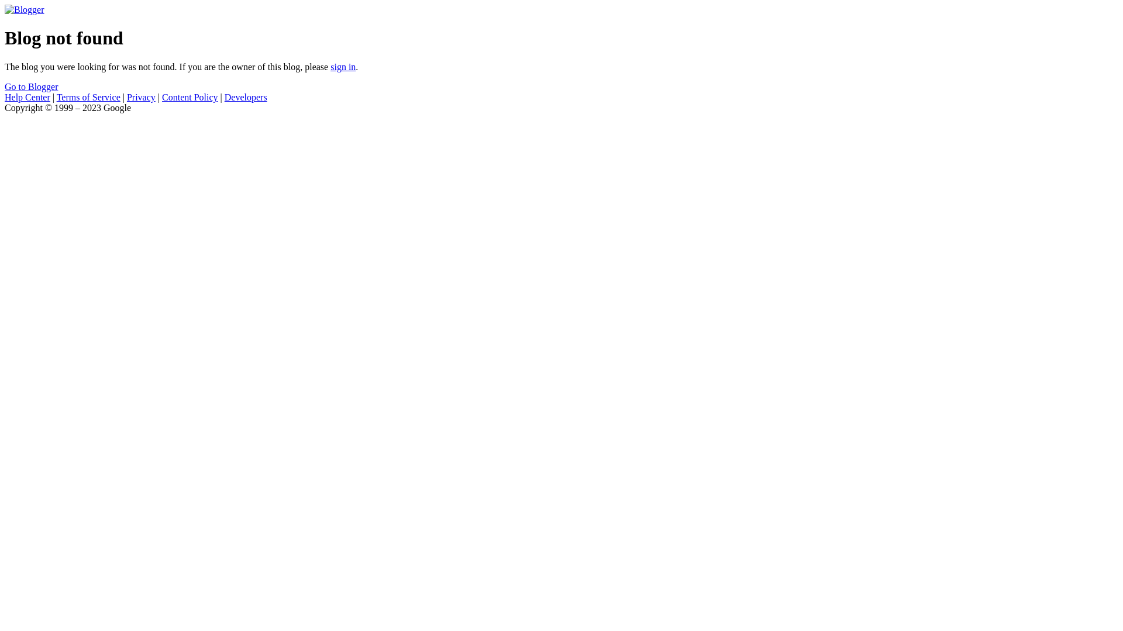 This screenshot has width=1123, height=631. What do you see at coordinates (190, 96) in the screenshot?
I see `'Content Policy'` at bounding box center [190, 96].